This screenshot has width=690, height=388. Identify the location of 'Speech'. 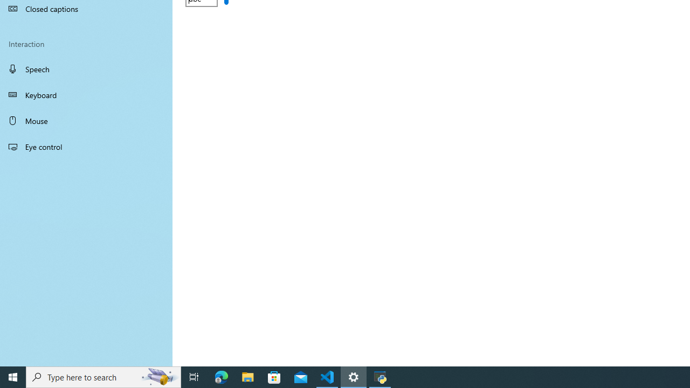
(86, 68).